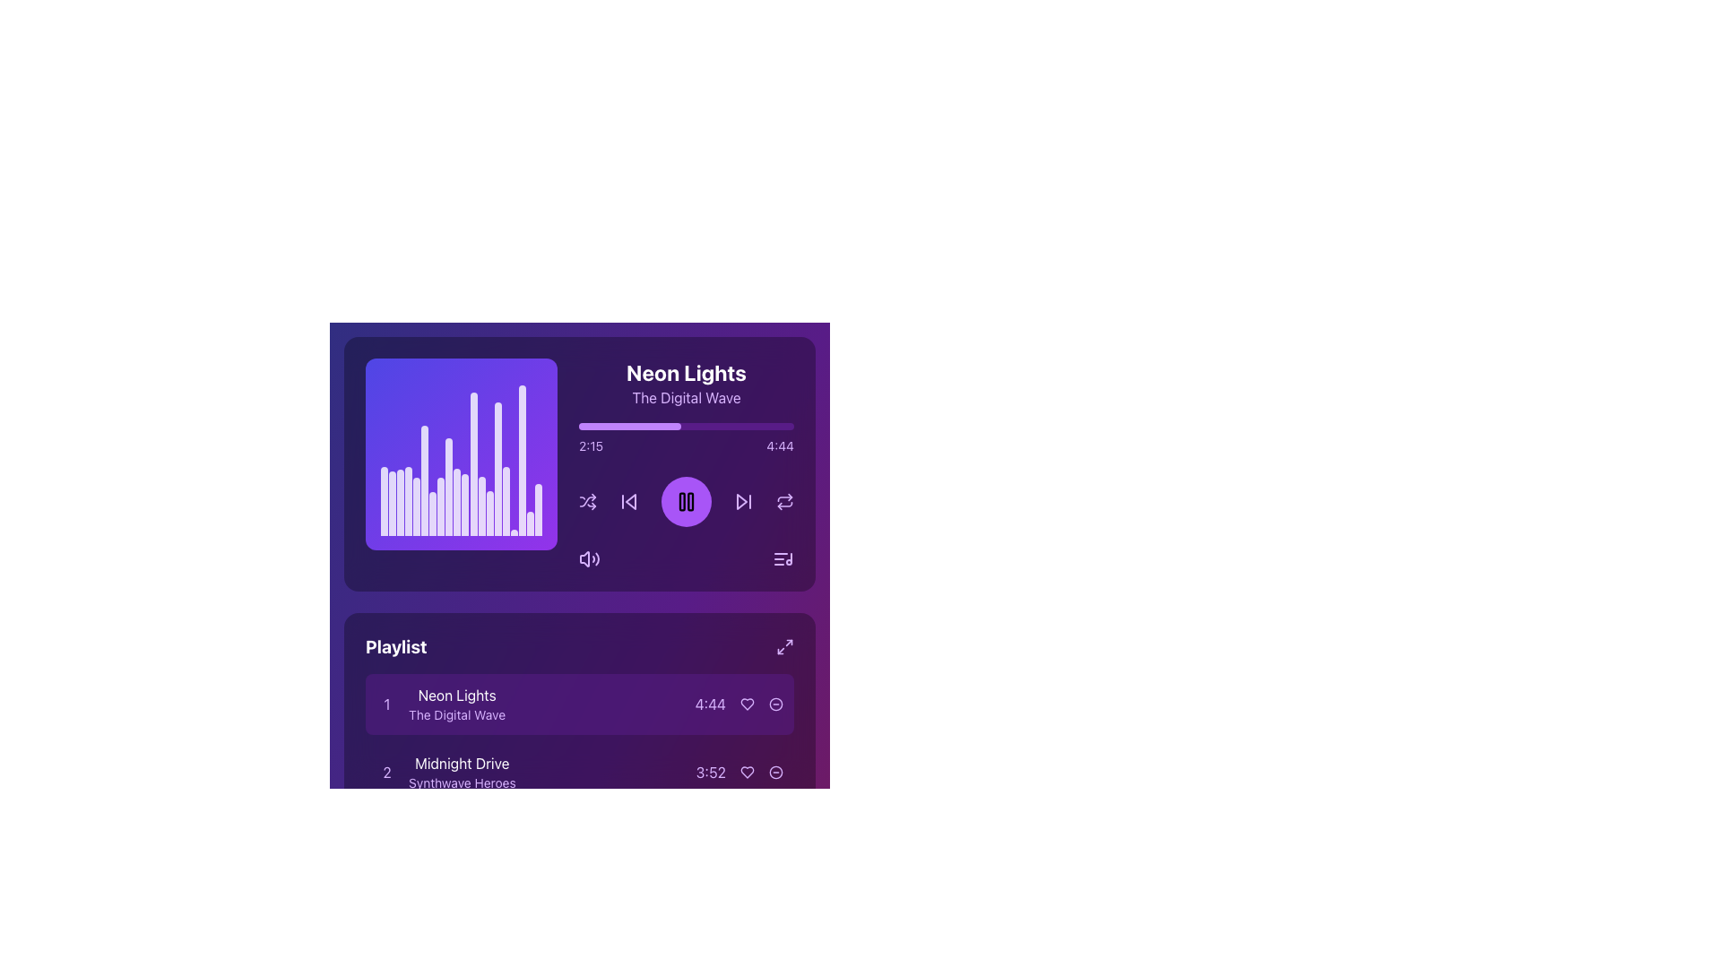  I want to click on the playback time text label that displays the current elapsed time of the song, located near the top-left corner of the horizontal bar, slightly below the 'Neon Lights' track title, so click(591, 445).